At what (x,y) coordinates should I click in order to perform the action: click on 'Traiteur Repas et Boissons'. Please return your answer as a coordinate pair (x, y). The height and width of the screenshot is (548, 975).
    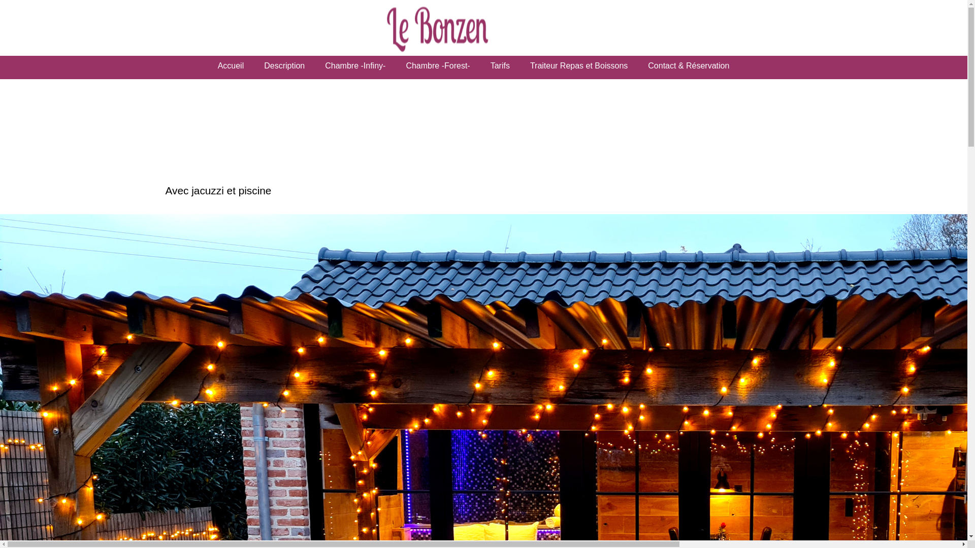
    Looking at the image, I should click on (579, 66).